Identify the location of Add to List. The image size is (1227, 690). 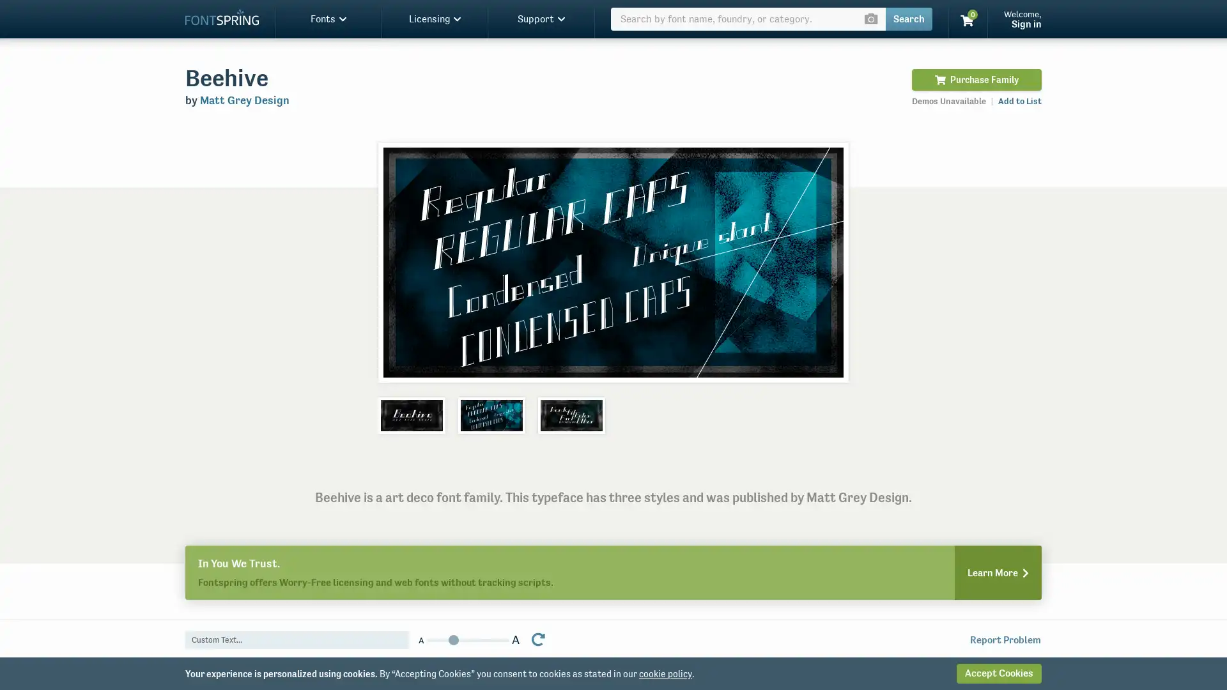
(1019, 100).